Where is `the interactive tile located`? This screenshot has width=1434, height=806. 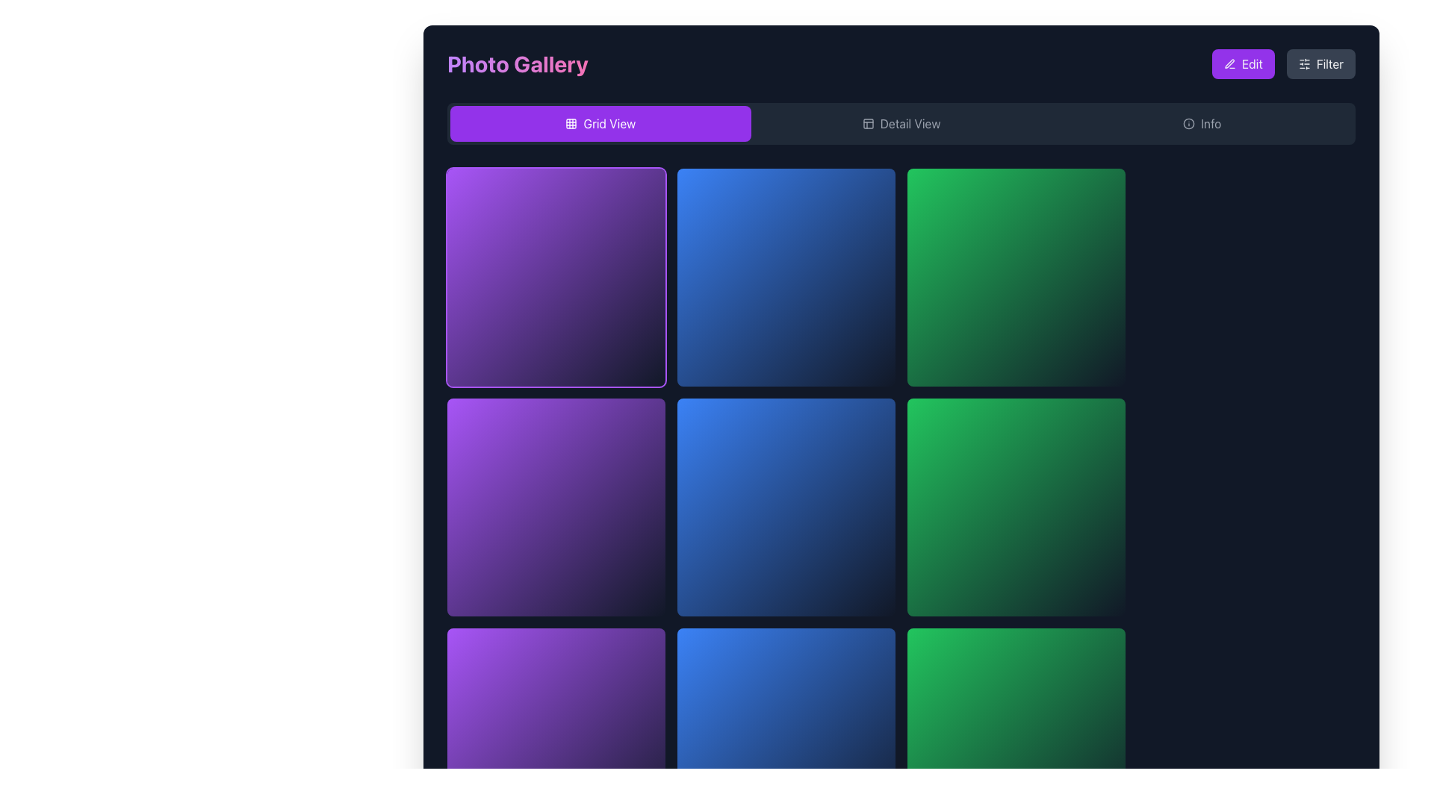
the interactive tile located is located at coordinates (1016, 506).